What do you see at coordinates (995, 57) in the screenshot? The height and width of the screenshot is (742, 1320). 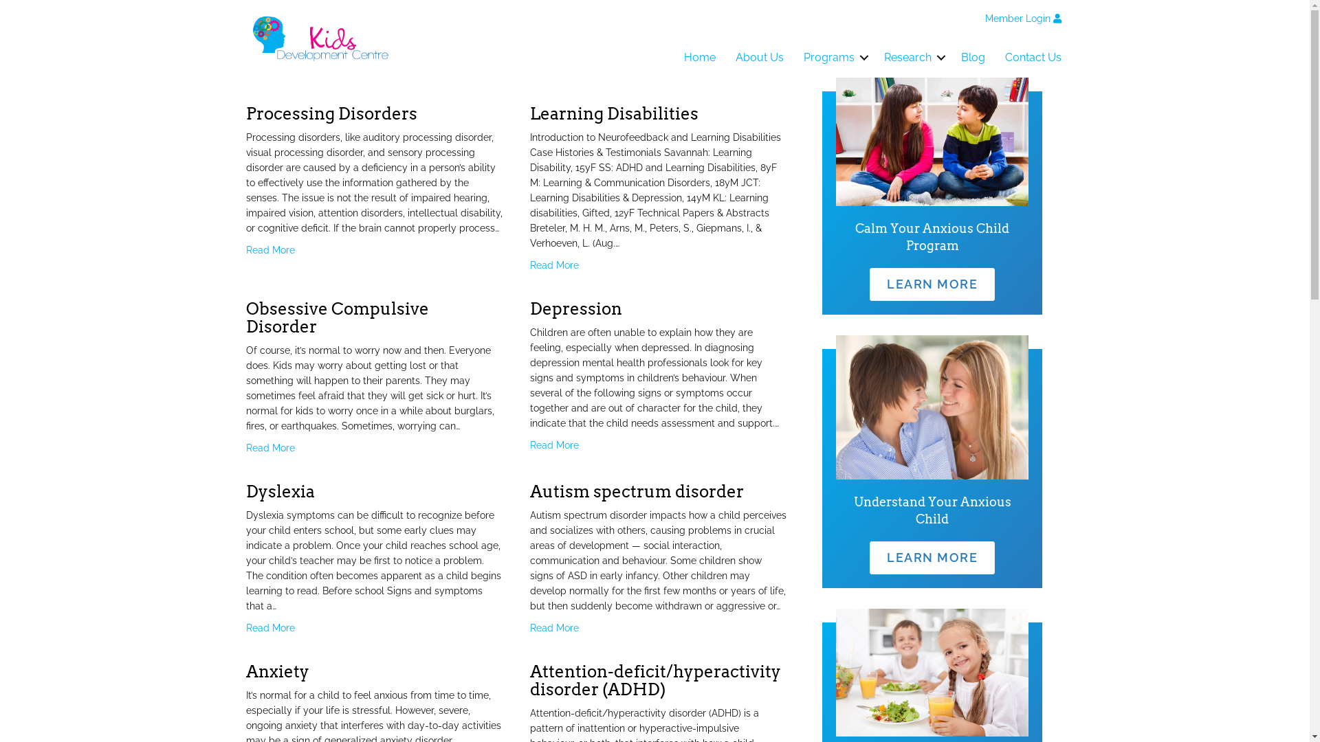 I see `'Contact Us'` at bounding box center [995, 57].